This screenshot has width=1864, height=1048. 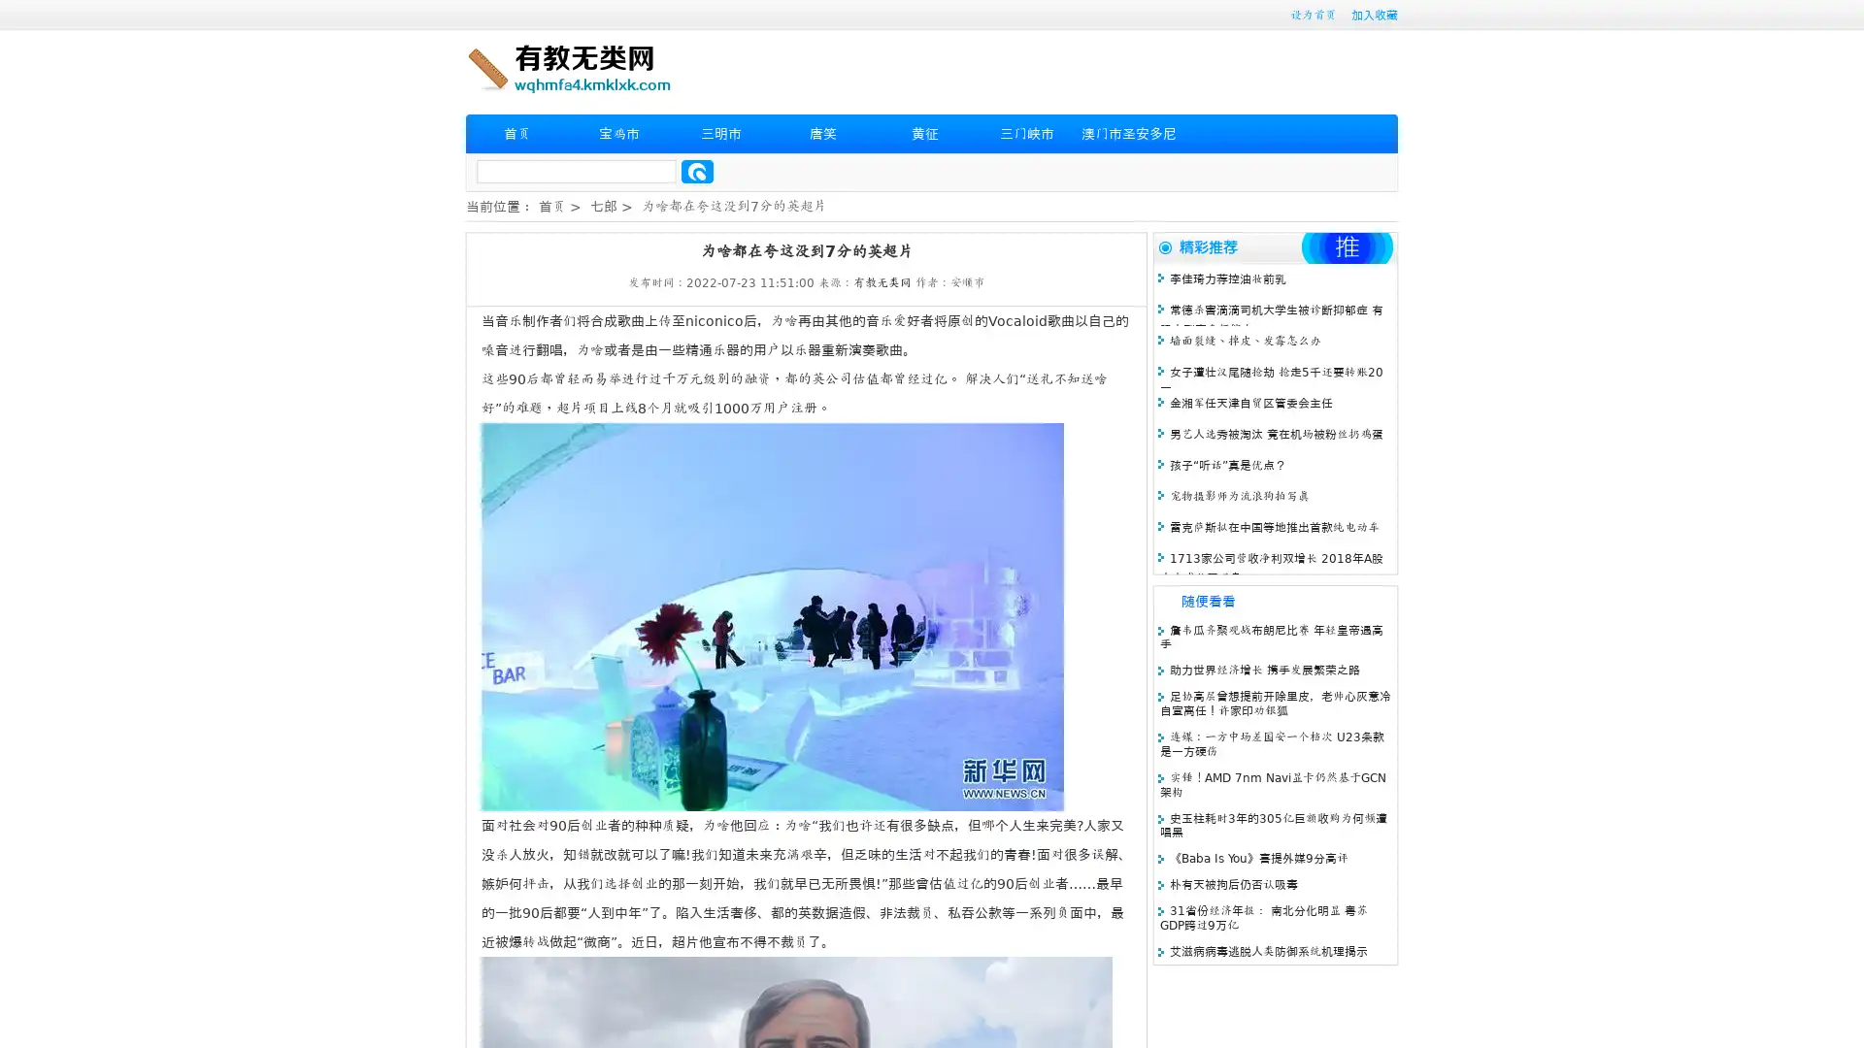 I want to click on Search, so click(x=697, y=171).